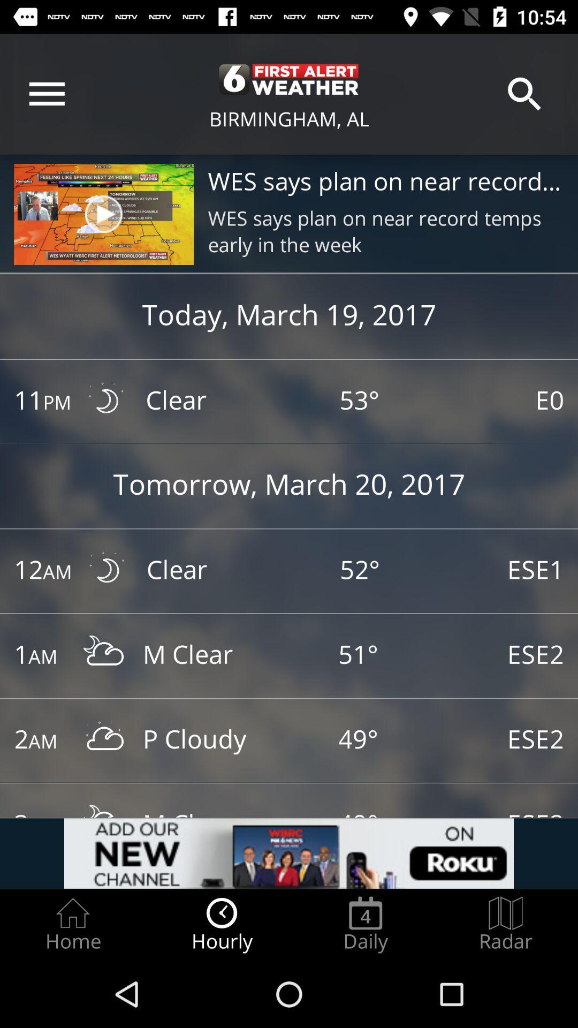 The image size is (578, 1028). What do you see at coordinates (365, 924) in the screenshot?
I see `item to the right of hourly item` at bounding box center [365, 924].